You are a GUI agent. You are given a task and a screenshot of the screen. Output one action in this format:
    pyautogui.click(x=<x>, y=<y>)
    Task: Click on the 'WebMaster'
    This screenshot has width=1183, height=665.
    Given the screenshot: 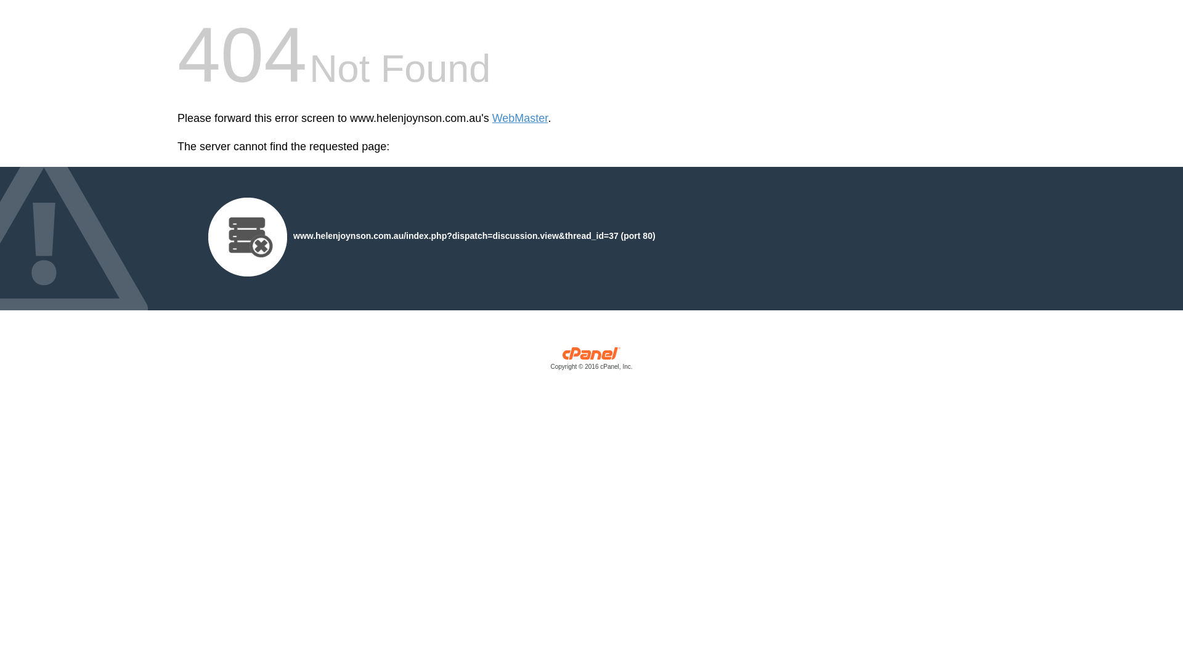 What is the action you would take?
    pyautogui.click(x=520, y=118)
    